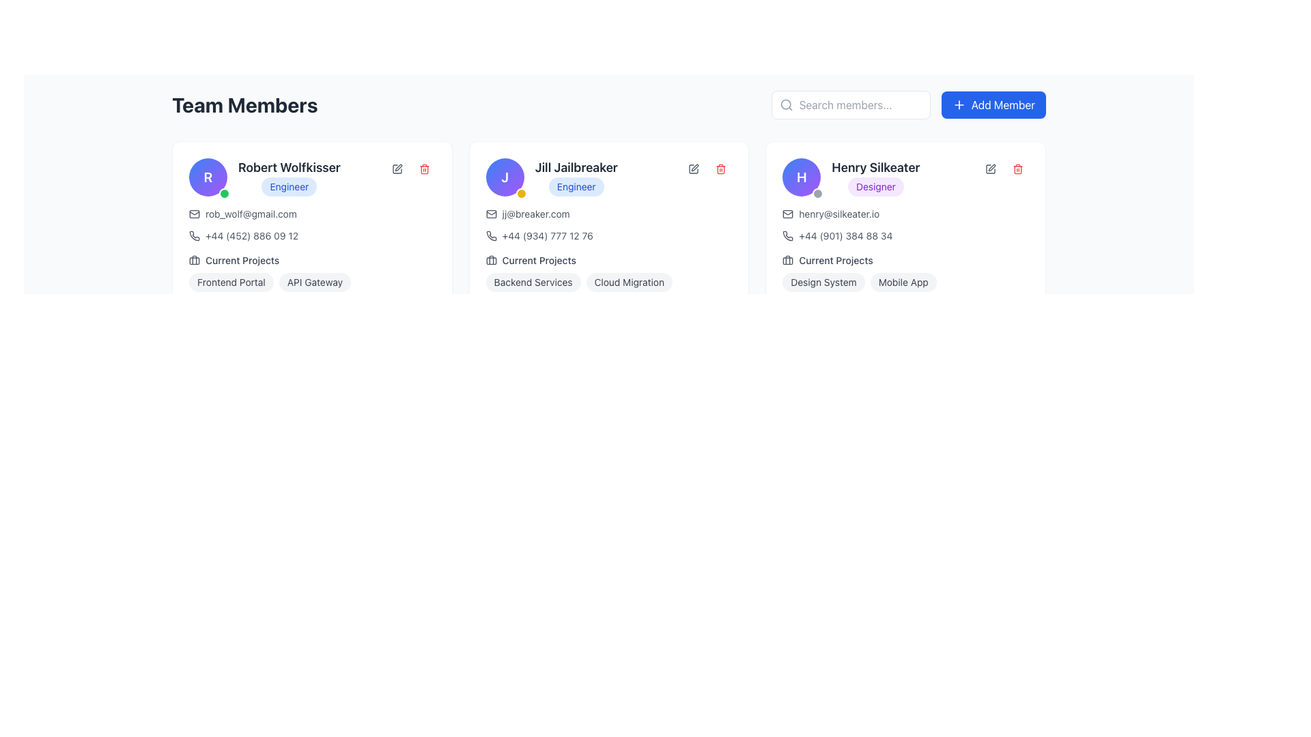 The height and width of the screenshot is (737, 1311). I want to click on the profile badge representing 'Henry Silkeater' located in the upper-left corner of the rightmost card in the 'Team Members' section, so click(802, 176).